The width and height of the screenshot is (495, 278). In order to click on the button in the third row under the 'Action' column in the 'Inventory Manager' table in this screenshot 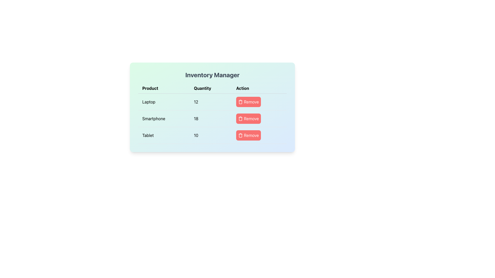, I will do `click(249, 135)`.